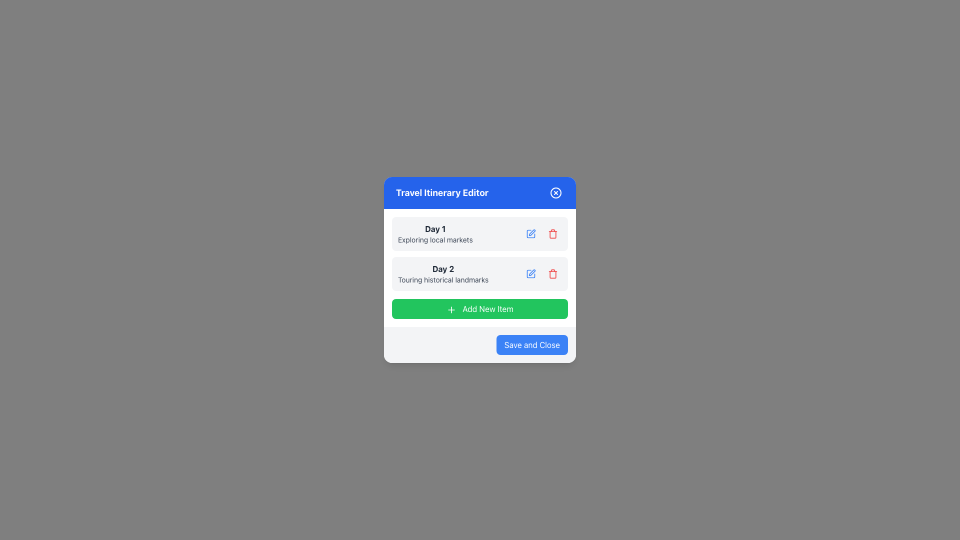 The image size is (960, 540). Describe the element at coordinates (480, 308) in the screenshot. I see `the interactive button located at the bottom of the 'Travel Itinerary Editor' panel` at that location.